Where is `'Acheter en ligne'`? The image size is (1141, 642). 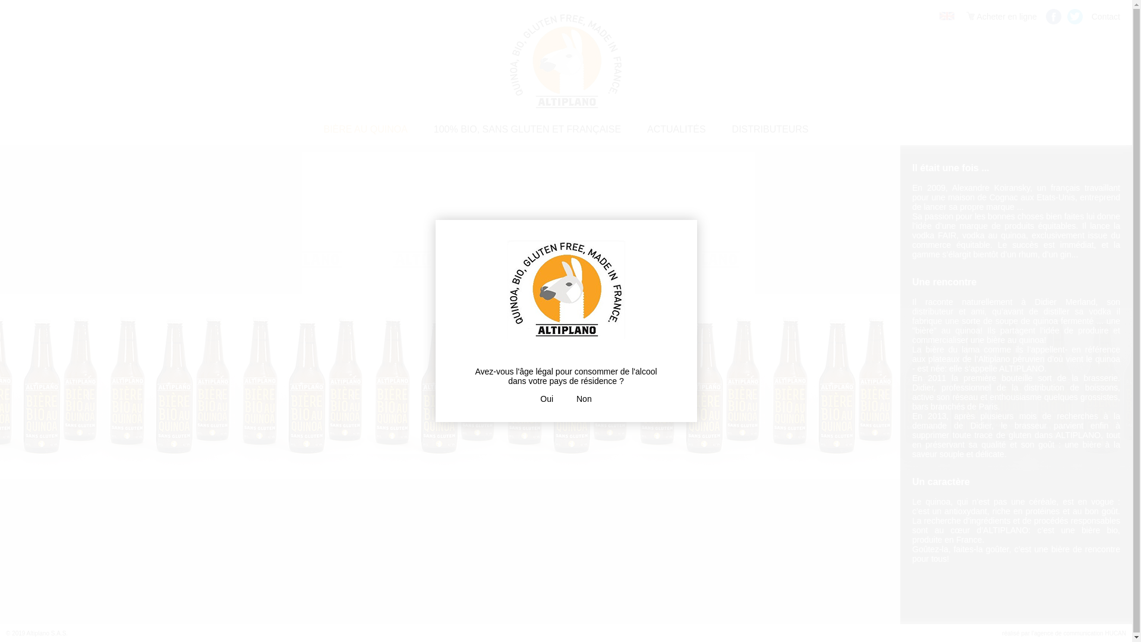 'Acheter en ligne' is located at coordinates (960, 16).